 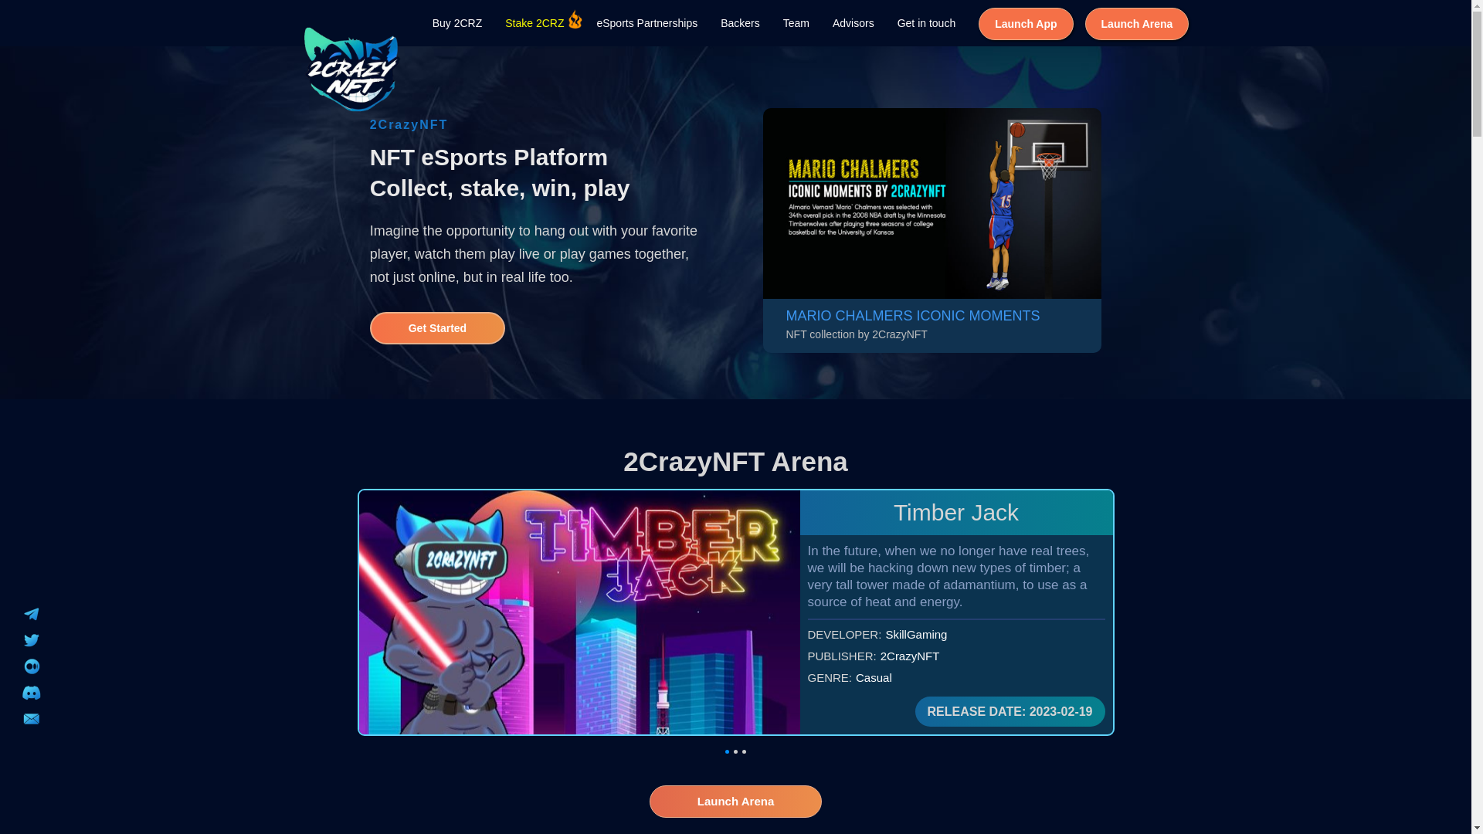 What do you see at coordinates (927, 23) in the screenshot?
I see `'Get in touch'` at bounding box center [927, 23].